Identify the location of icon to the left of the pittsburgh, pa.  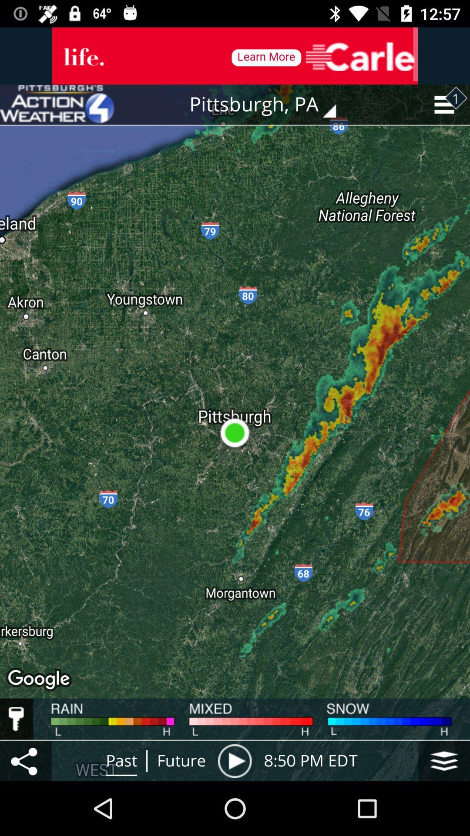
(57, 104).